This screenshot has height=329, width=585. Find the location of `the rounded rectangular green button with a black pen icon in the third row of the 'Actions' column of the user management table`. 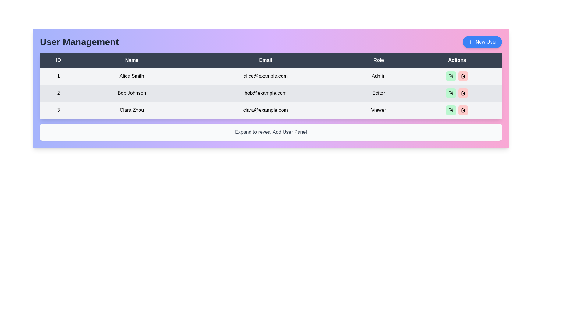

the rounded rectangular green button with a black pen icon in the third row of the 'Actions' column of the user management table is located at coordinates (451, 110).